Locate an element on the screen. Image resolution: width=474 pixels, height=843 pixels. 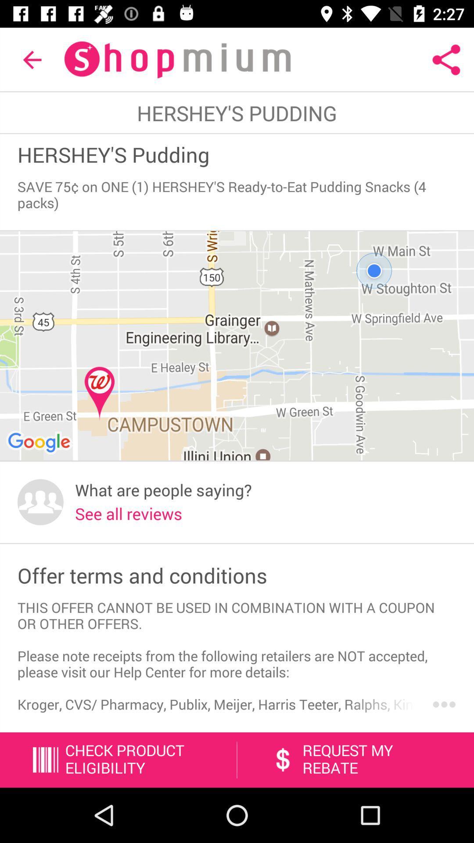
item above hershey's pudding is located at coordinates (32, 59).